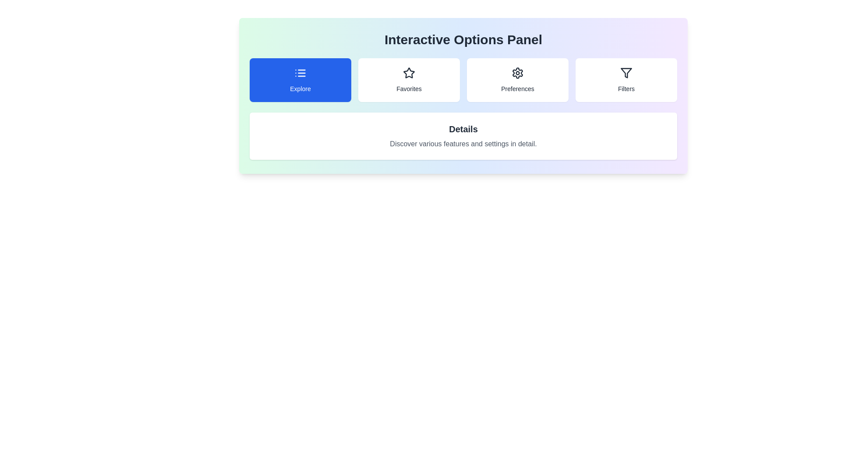 The height and width of the screenshot is (473, 841). Describe the element at coordinates (300, 89) in the screenshot. I see `text label located at the bottom center of the rounded blue button that indicates exploration functionality` at that location.